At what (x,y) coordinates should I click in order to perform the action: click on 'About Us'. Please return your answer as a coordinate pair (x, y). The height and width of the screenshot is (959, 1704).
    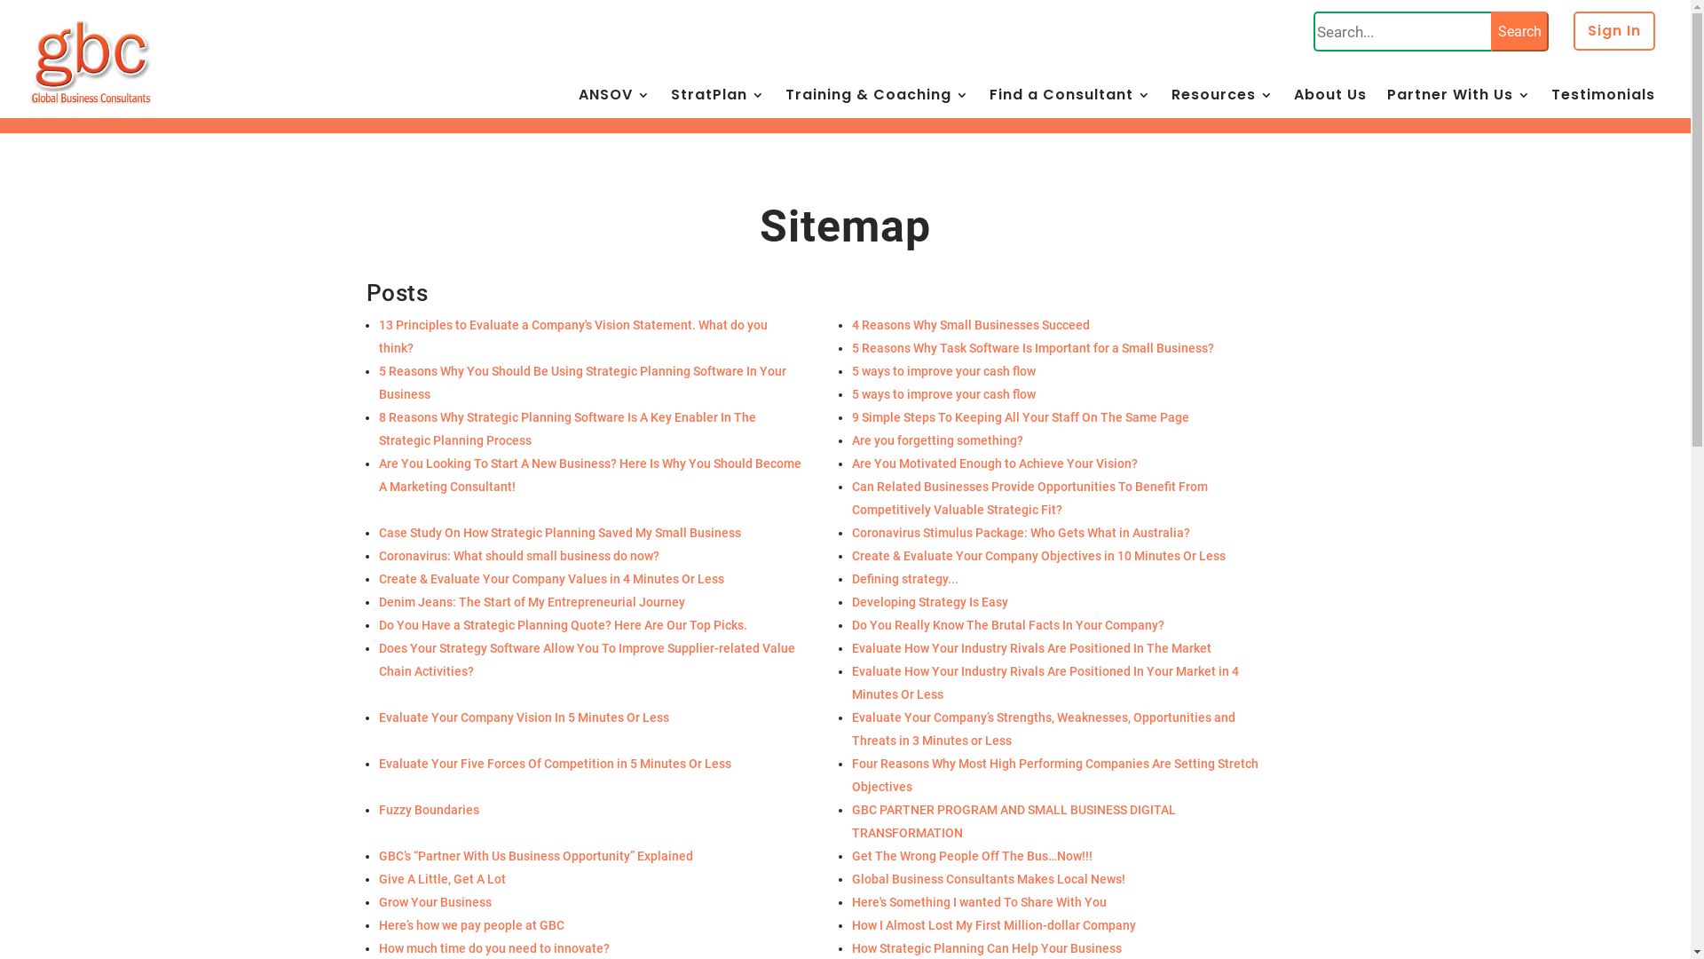
    Looking at the image, I should click on (1329, 106).